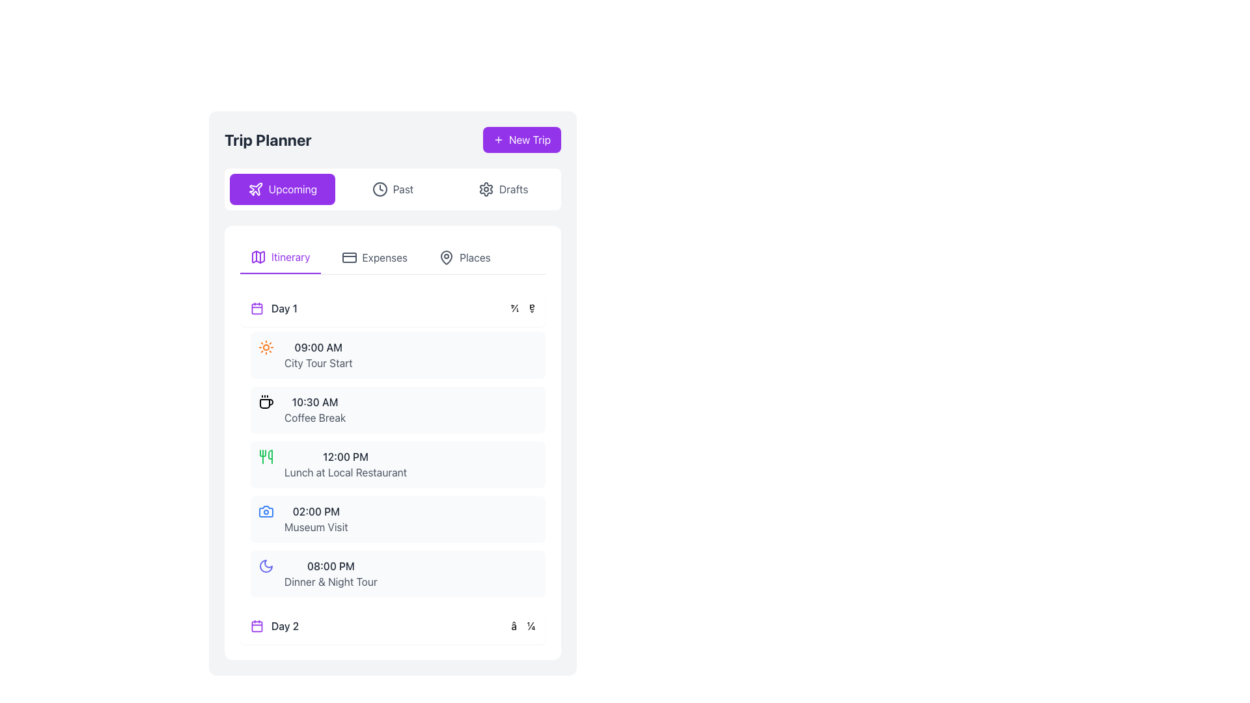 Image resolution: width=1250 pixels, height=703 pixels. What do you see at coordinates (281, 189) in the screenshot?
I see `the 'Upcoming' button in the navigation bar` at bounding box center [281, 189].